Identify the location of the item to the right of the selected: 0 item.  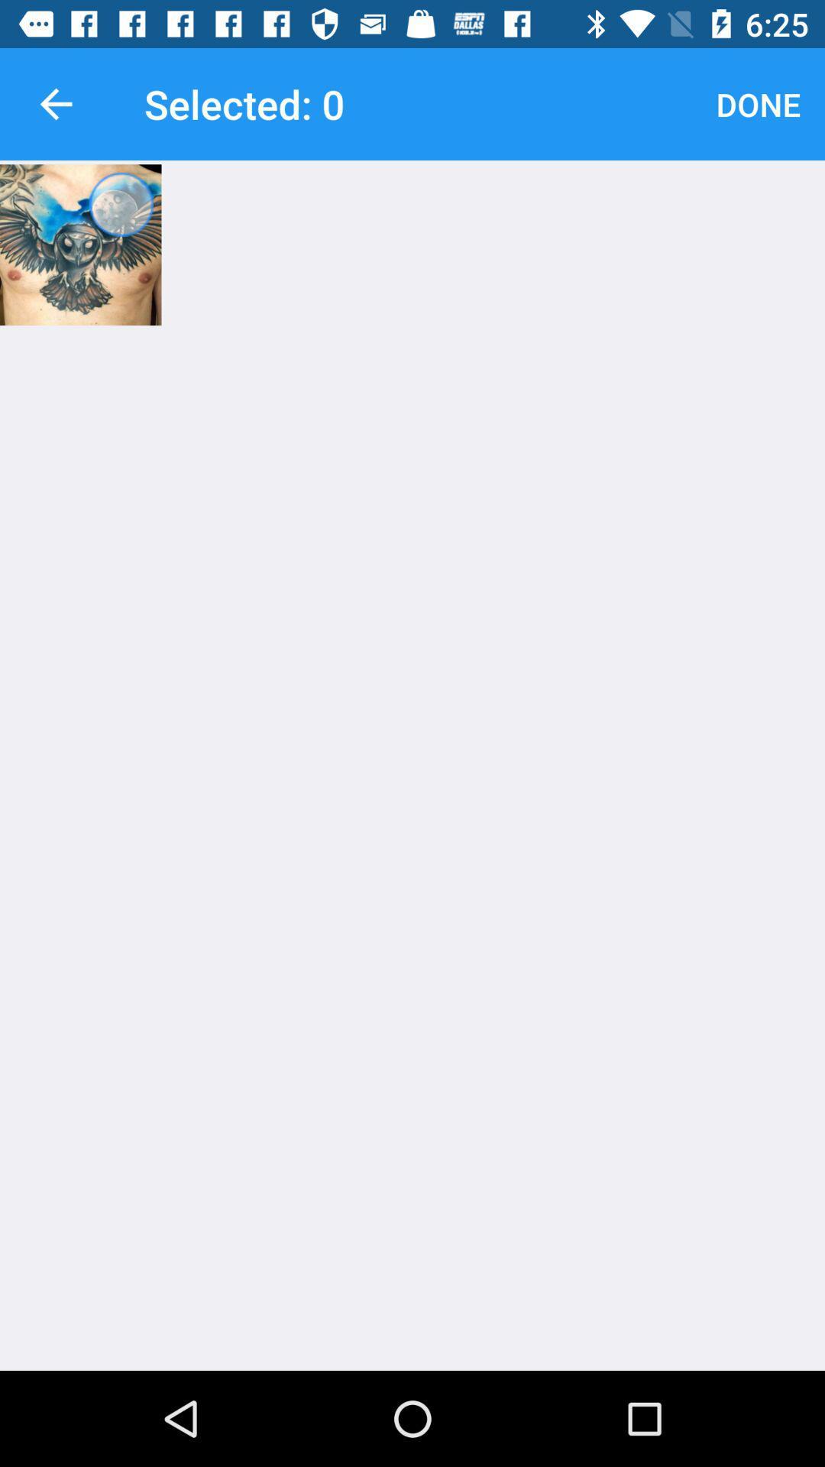
(758, 103).